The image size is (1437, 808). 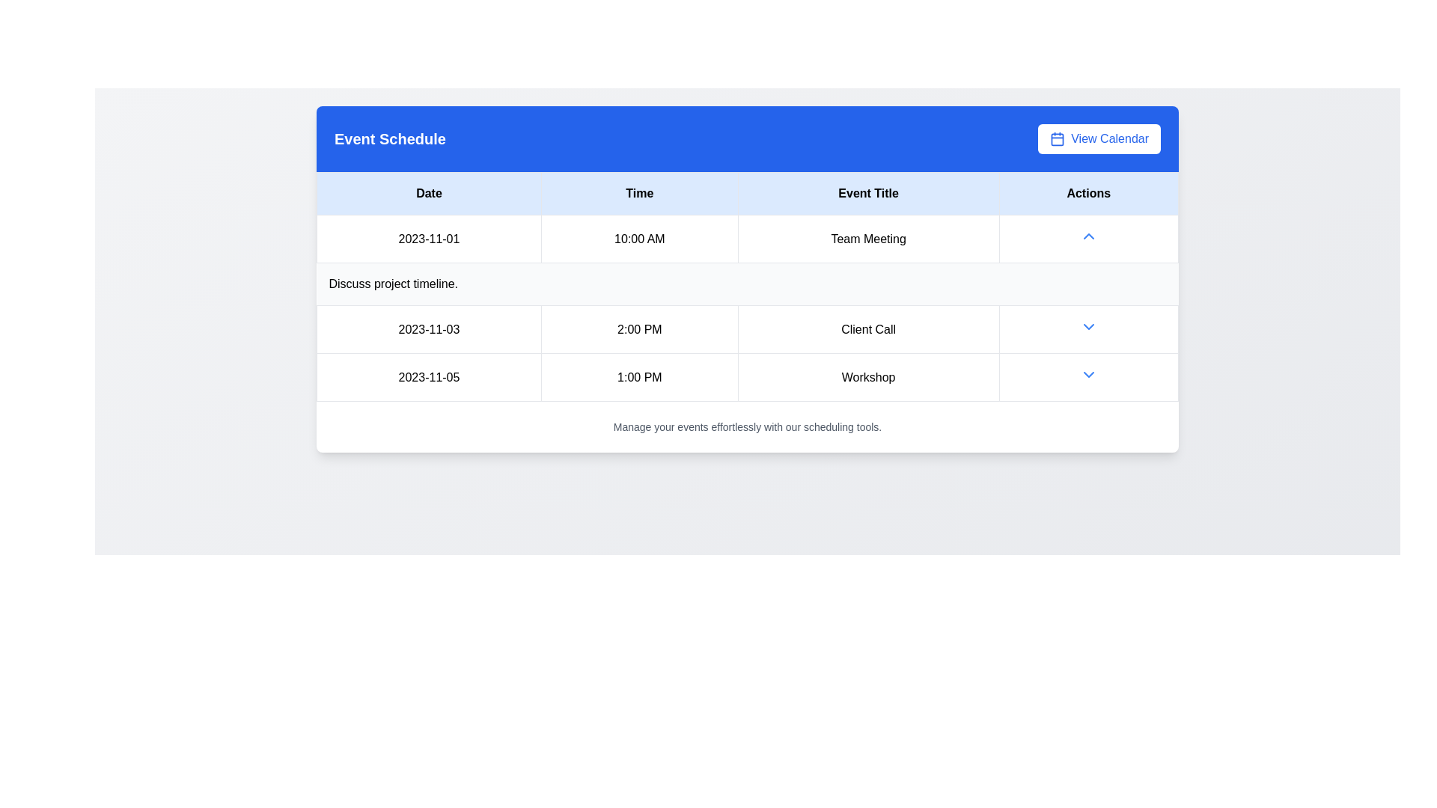 I want to click on the text label displaying '2:00 PM' located under the 'Time' column in the table for the date '2023-11-03', so click(x=639, y=328).